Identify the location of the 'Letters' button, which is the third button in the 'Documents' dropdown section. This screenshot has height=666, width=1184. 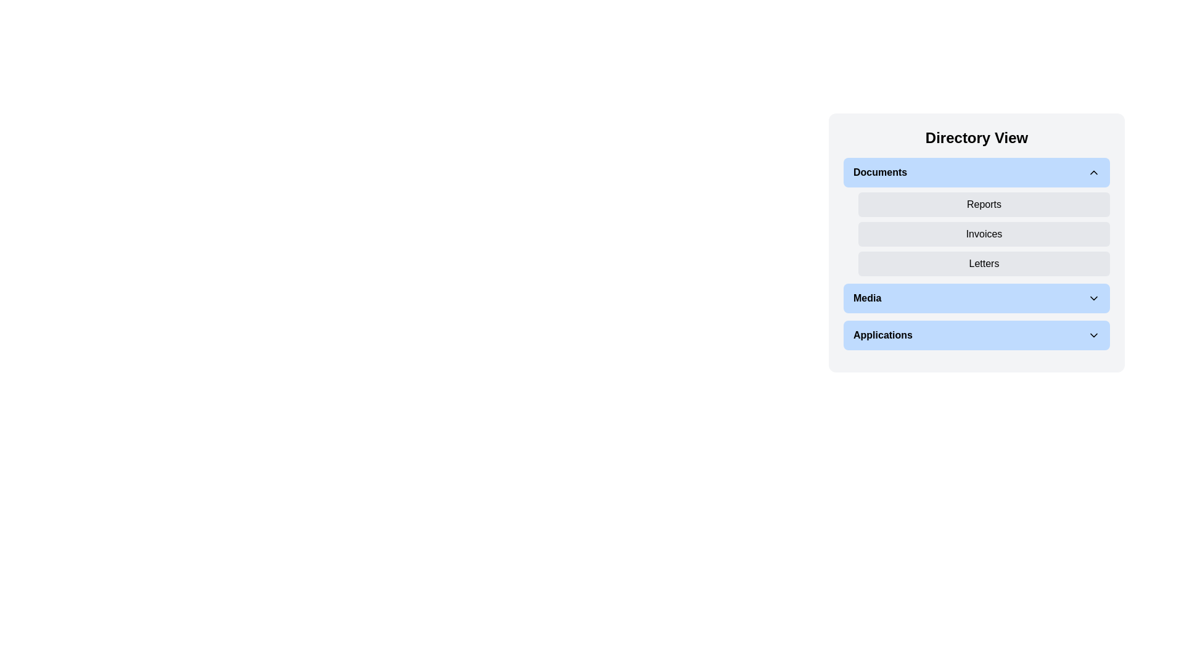
(984, 263).